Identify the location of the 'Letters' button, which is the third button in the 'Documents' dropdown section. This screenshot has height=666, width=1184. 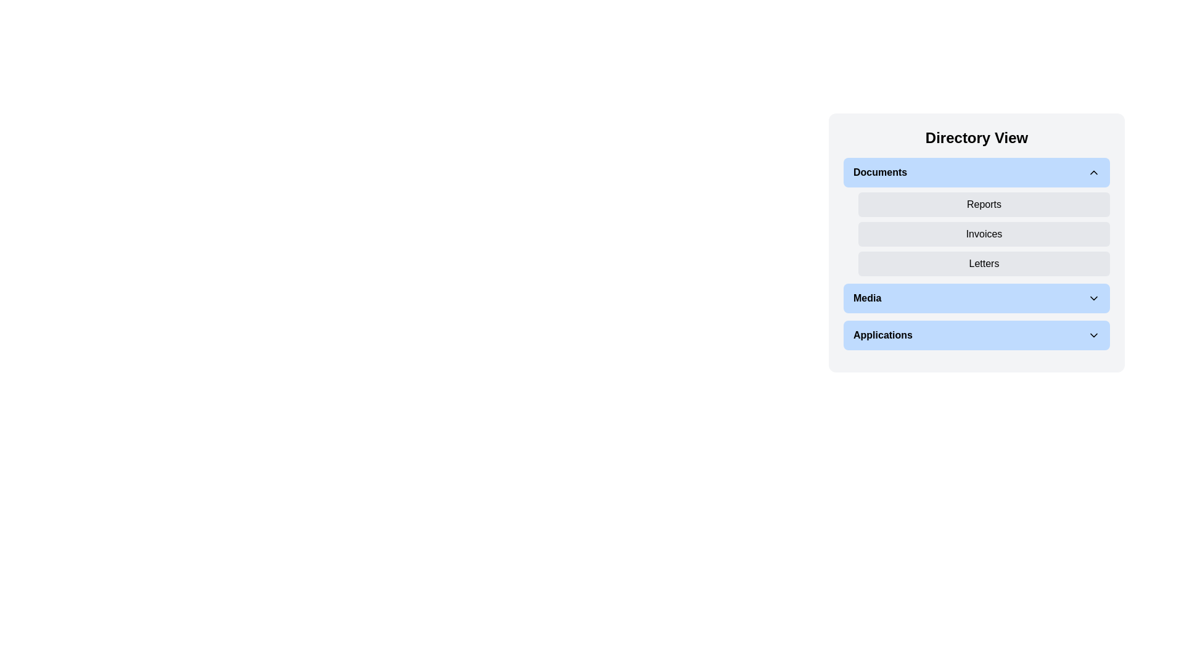
(984, 263).